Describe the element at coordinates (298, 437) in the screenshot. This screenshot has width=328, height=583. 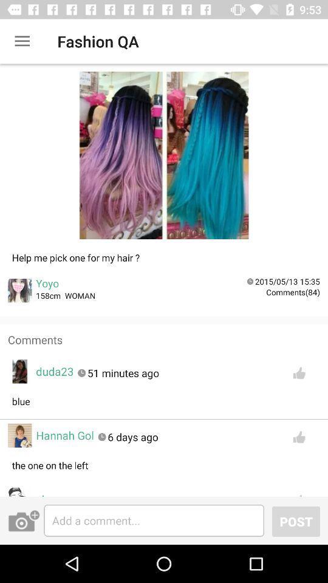
I see `like button` at that location.